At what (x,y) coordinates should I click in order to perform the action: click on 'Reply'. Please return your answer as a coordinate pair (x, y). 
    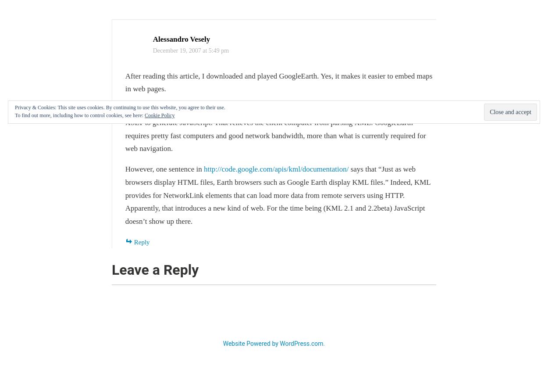
    Looking at the image, I should click on (134, 241).